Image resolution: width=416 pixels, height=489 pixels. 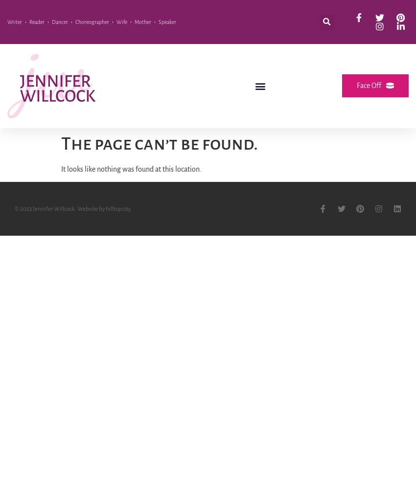 I want to click on '© 2023 Jennifer Willcock. Website by', so click(x=59, y=208).